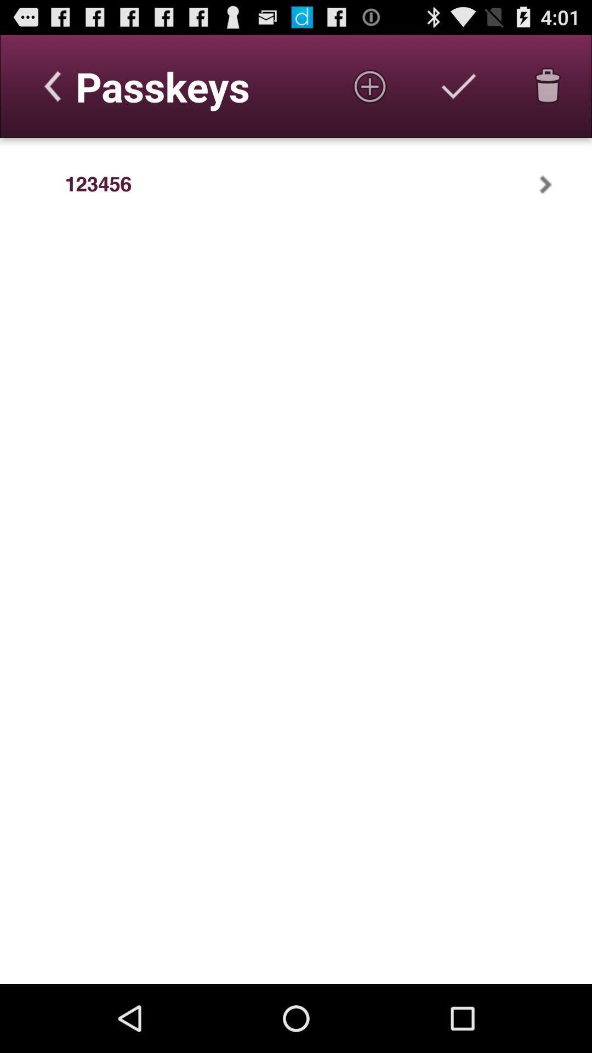  What do you see at coordinates (548, 86) in the screenshot?
I see `delete button` at bounding box center [548, 86].